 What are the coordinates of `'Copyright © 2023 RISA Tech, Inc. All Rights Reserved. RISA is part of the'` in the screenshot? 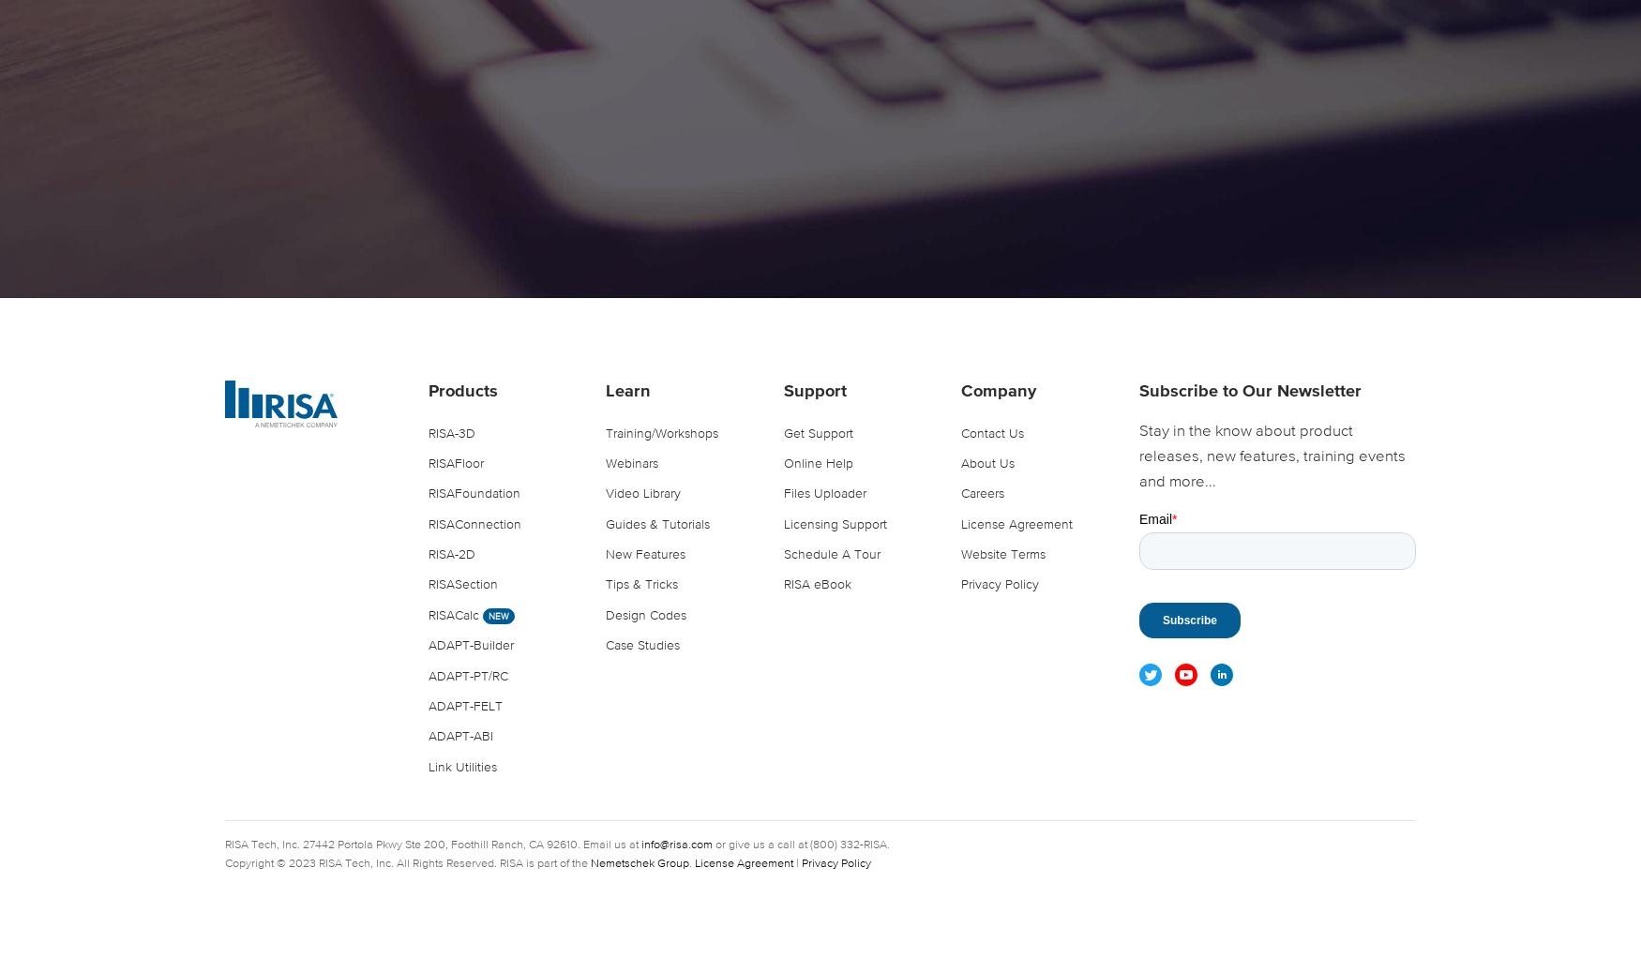 It's located at (407, 863).